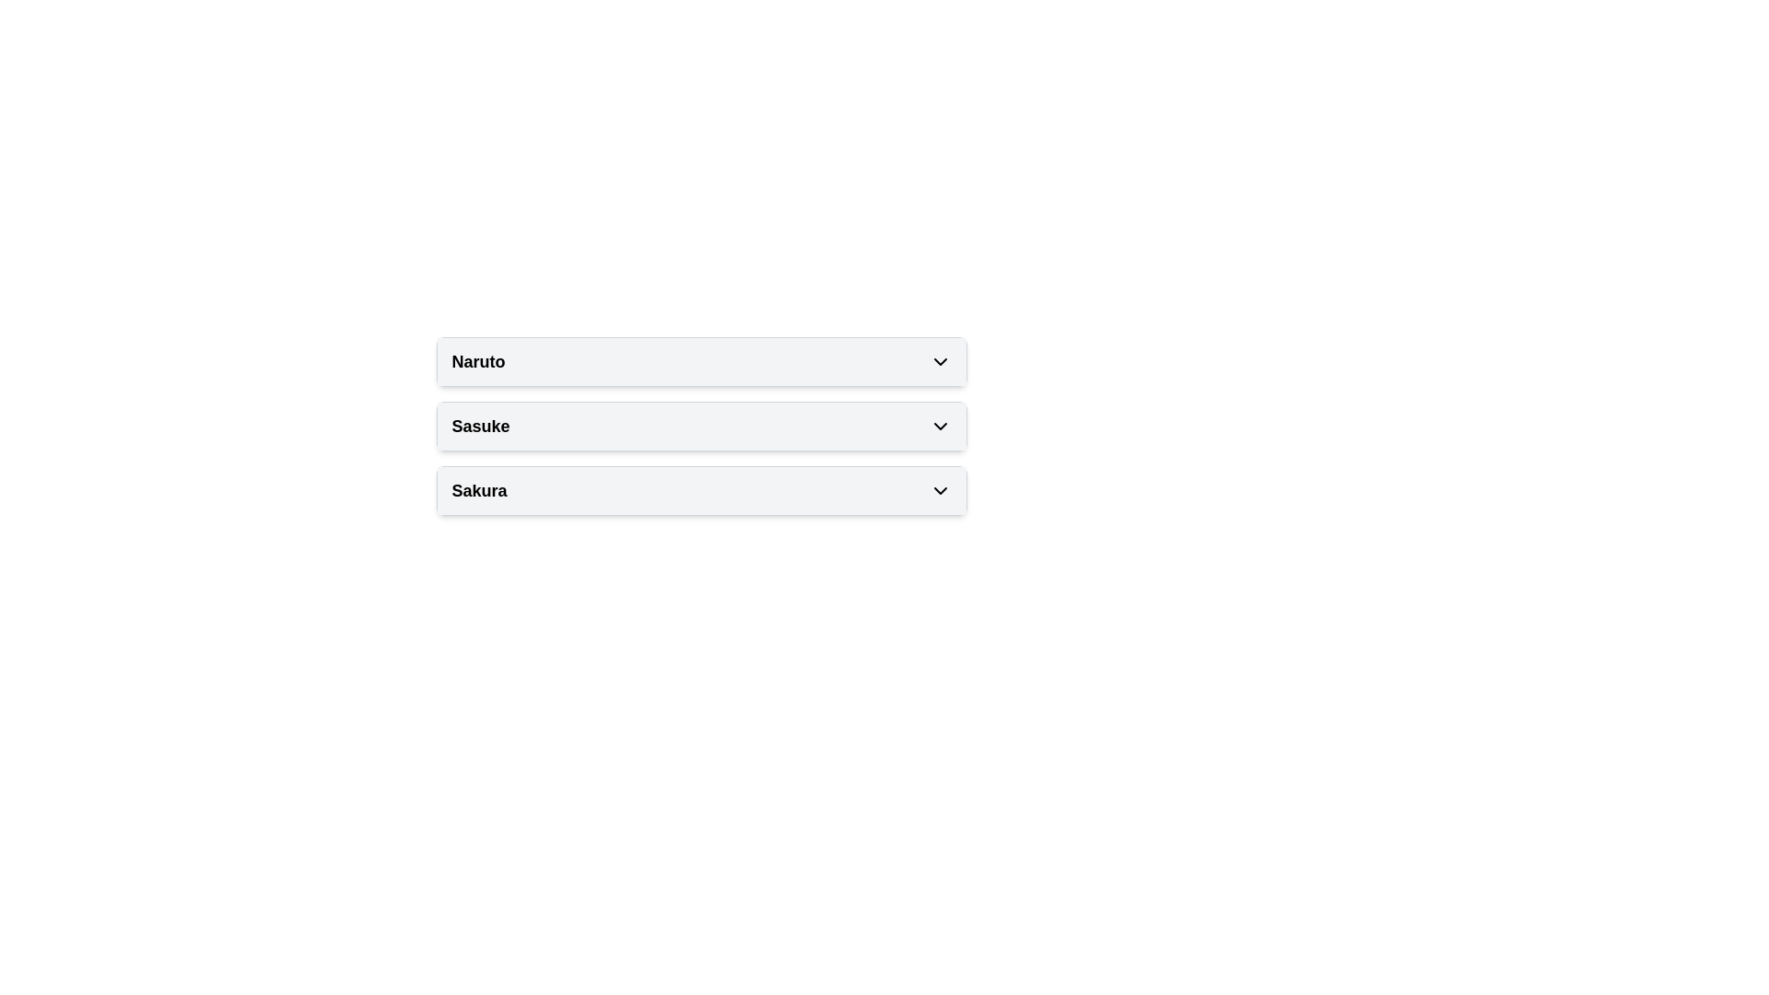 The width and height of the screenshot is (1769, 995). What do you see at coordinates (700, 489) in the screenshot?
I see `the dropdown menu button labeled 'Sakura', which is the third item in a vertical list of dropdown components` at bounding box center [700, 489].